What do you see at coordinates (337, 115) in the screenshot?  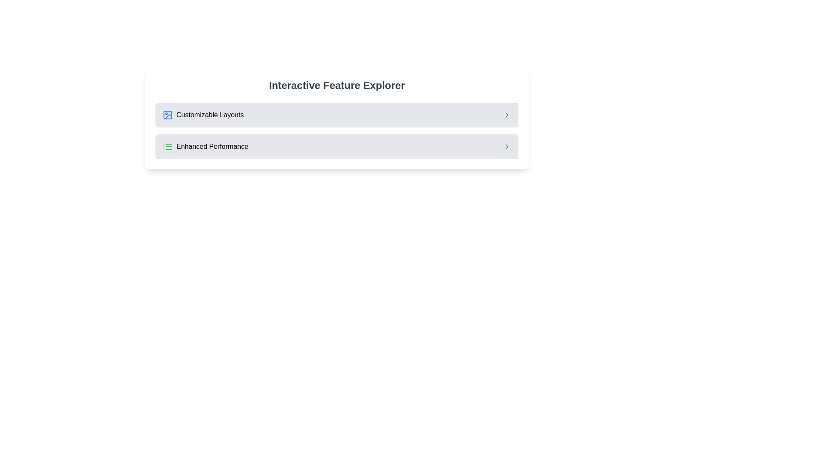 I see `the first clickable list item labeled 'Customizable Layouts' within the 'Interactive Feature Explorer' section` at bounding box center [337, 115].